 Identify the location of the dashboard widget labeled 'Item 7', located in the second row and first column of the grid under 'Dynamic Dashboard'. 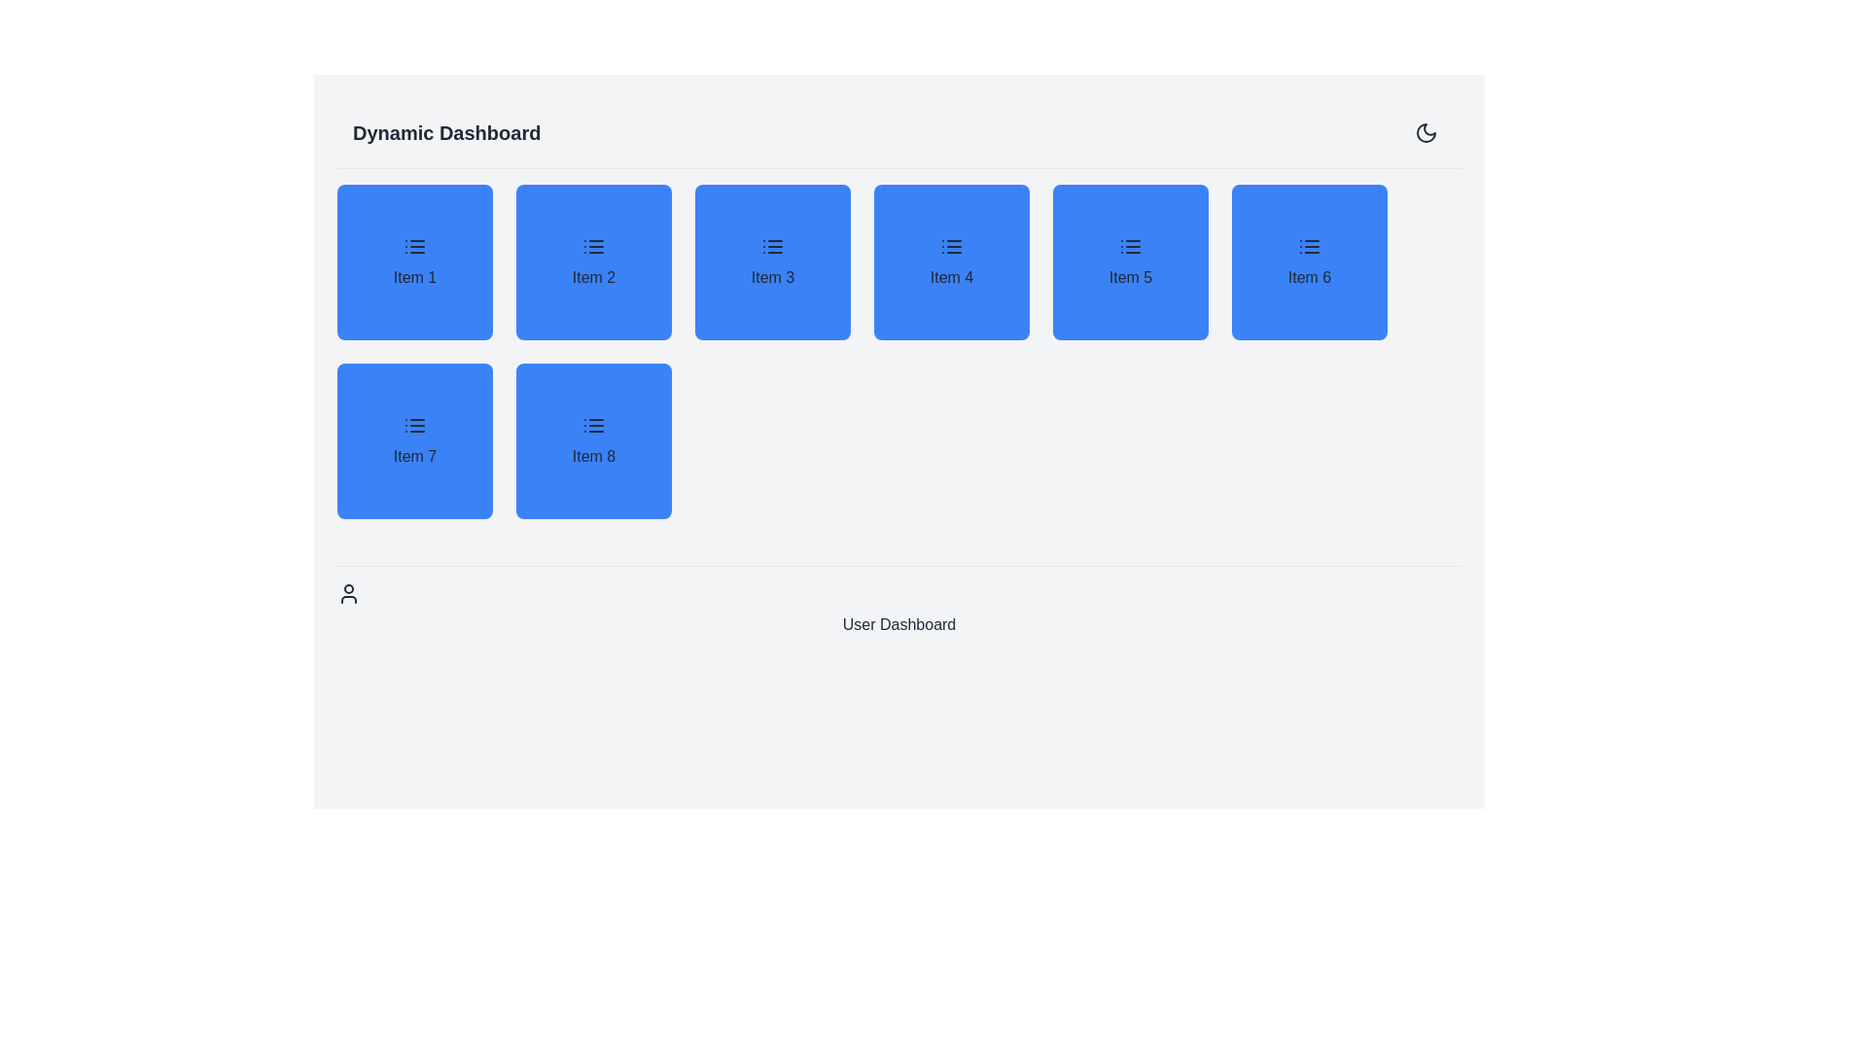
(414, 441).